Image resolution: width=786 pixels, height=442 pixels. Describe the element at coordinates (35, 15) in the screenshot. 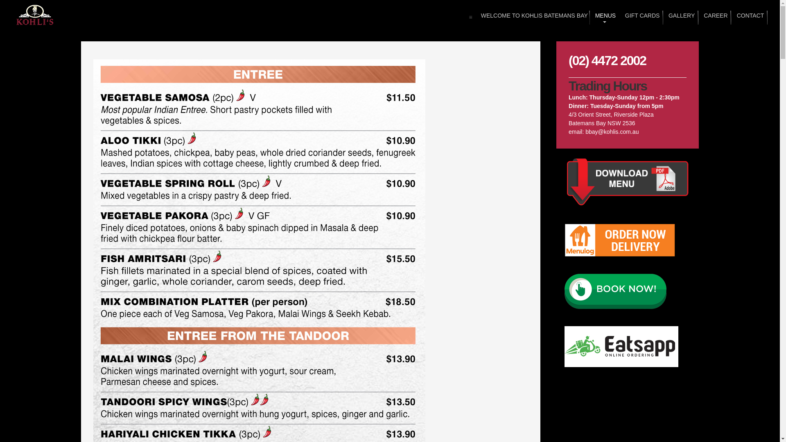

I see `'kohlis.com.au'` at that location.